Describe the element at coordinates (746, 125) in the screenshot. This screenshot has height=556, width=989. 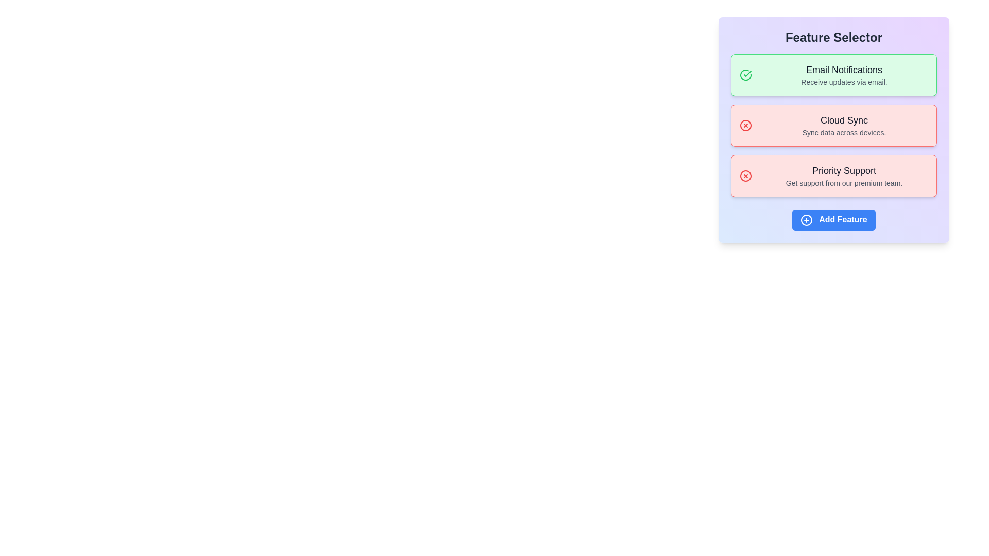
I see `the SVG circle element that indicates the state of the 'Cloud Sync' feature, located to the left of the 'Cloud Sync' text in the feature selection panel` at that location.